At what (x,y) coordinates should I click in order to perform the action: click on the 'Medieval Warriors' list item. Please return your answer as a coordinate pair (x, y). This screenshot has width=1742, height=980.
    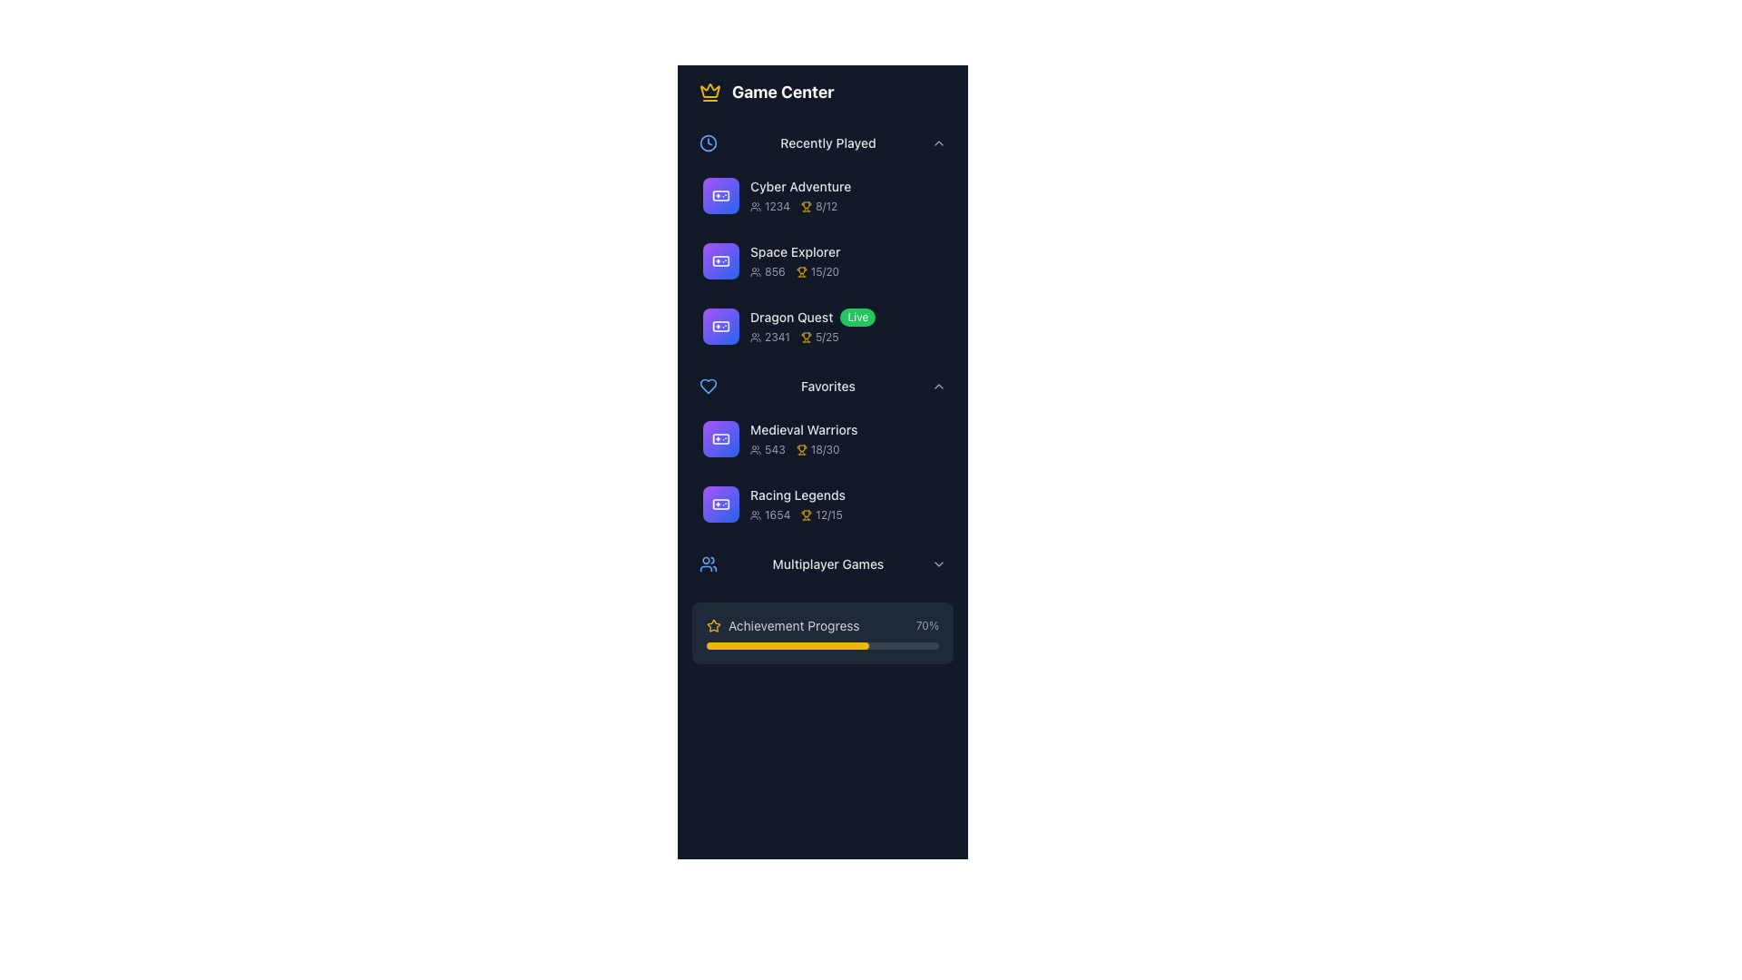
    Looking at the image, I should click on (845, 438).